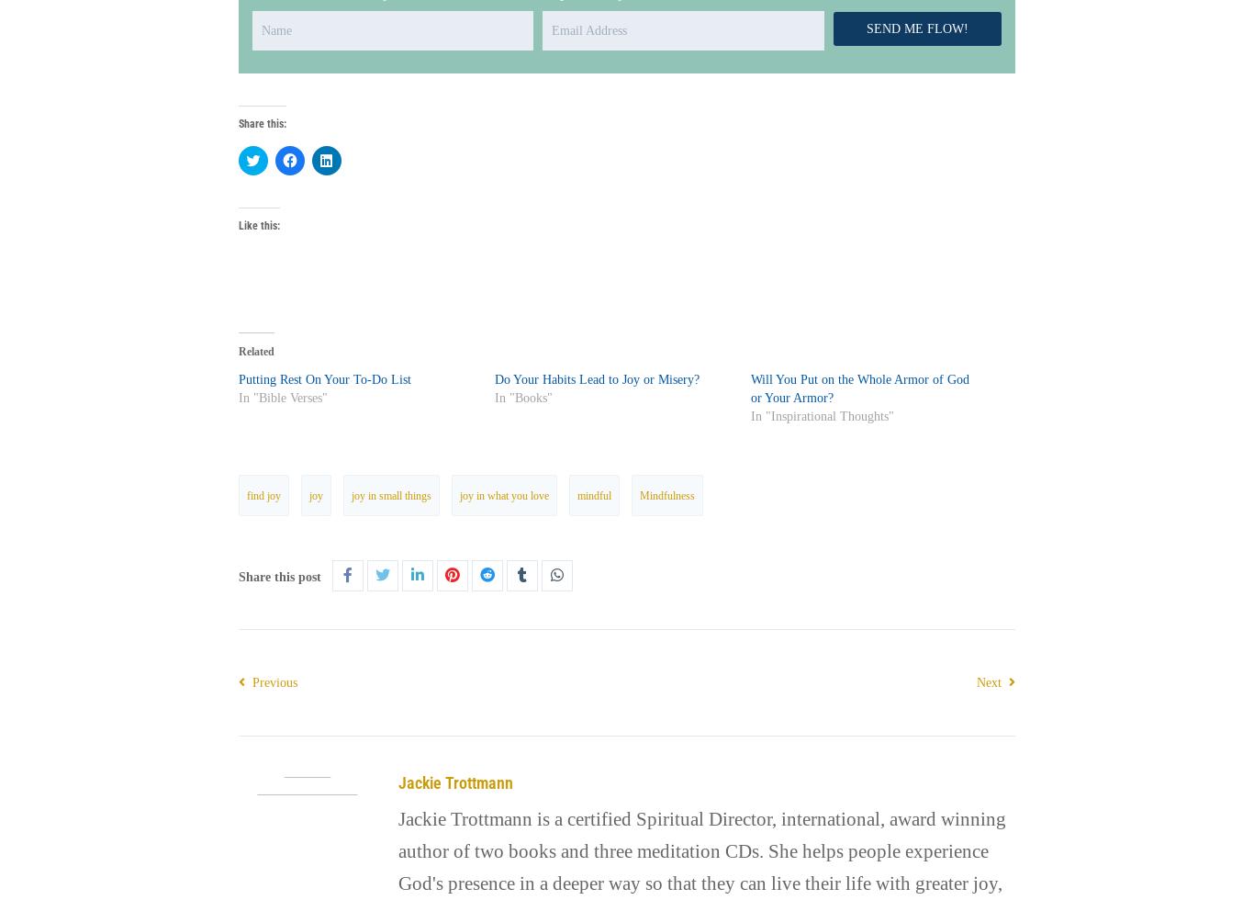  I want to click on 'joy', so click(314, 494).